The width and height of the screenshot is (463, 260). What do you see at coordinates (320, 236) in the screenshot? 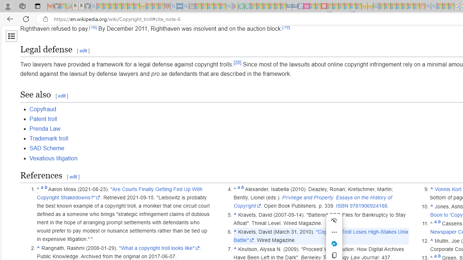
I see `'"Copyright Troll Loses High-Stakes Unix Battle"'` at bounding box center [320, 236].